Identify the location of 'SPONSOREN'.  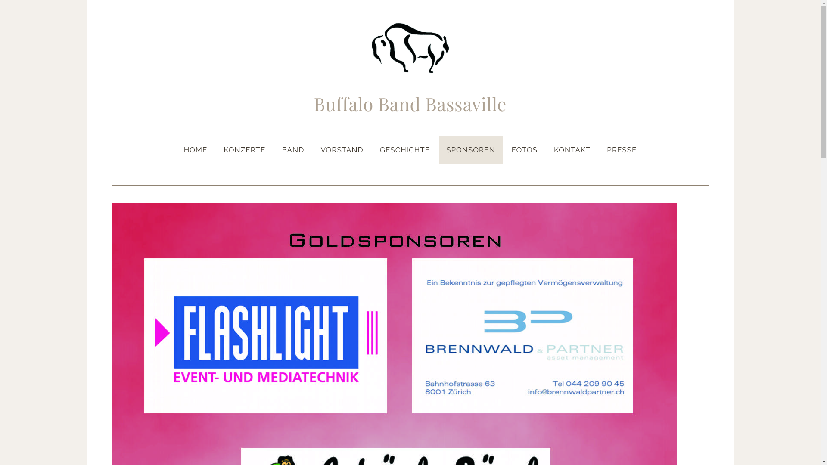
(470, 149).